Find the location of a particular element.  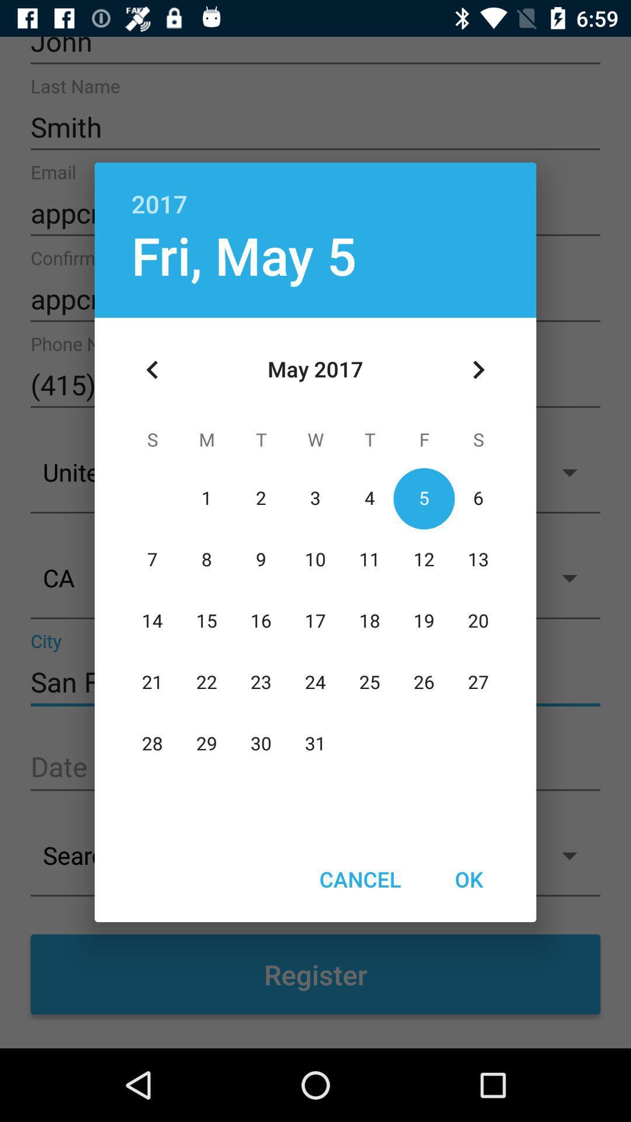

2017 is located at coordinates (315, 191).